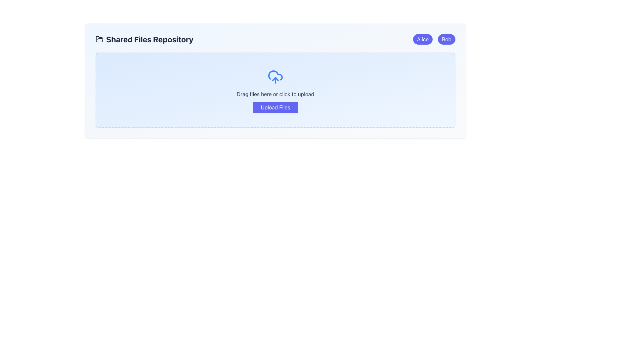  Describe the element at coordinates (434, 39) in the screenshot. I see `the pill-shaped buttons labeled 'Alice' and 'Bob' with a purple background located in the top-right of the bar above the main interface` at that location.